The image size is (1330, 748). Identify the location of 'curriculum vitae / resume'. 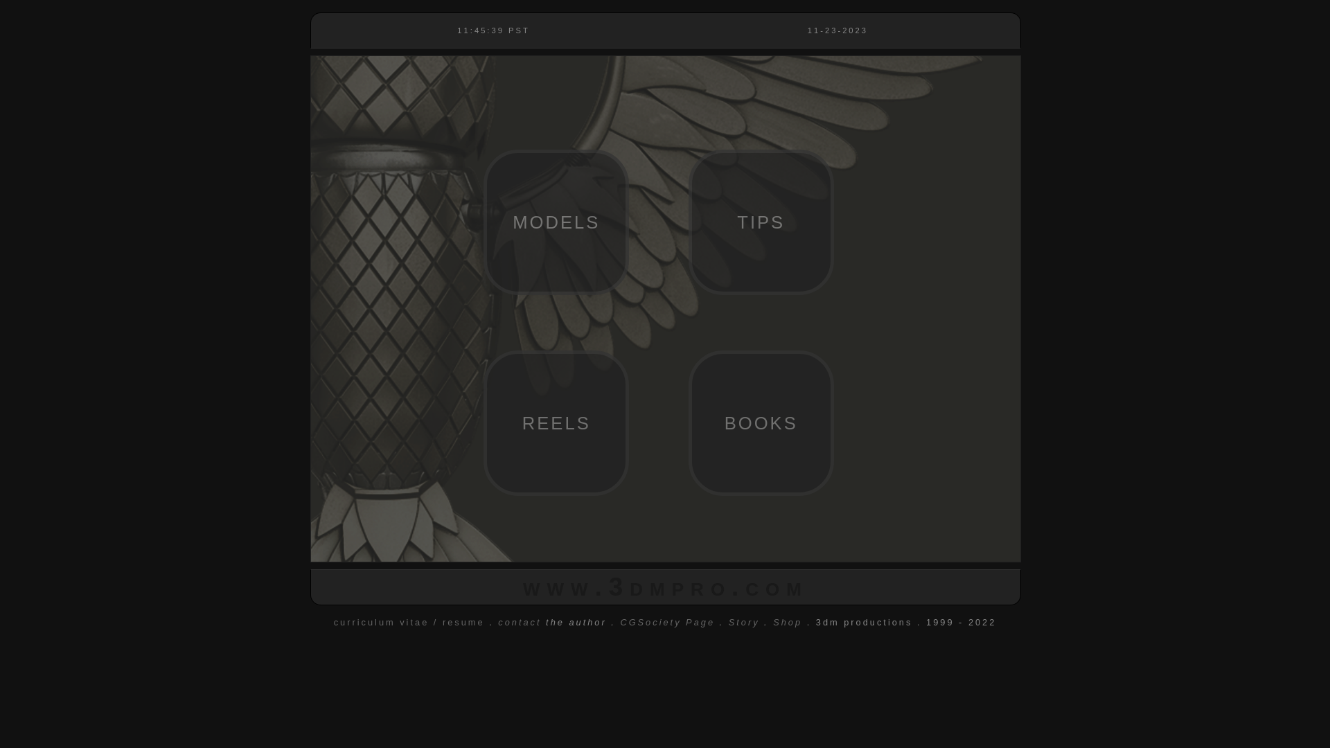
(333, 621).